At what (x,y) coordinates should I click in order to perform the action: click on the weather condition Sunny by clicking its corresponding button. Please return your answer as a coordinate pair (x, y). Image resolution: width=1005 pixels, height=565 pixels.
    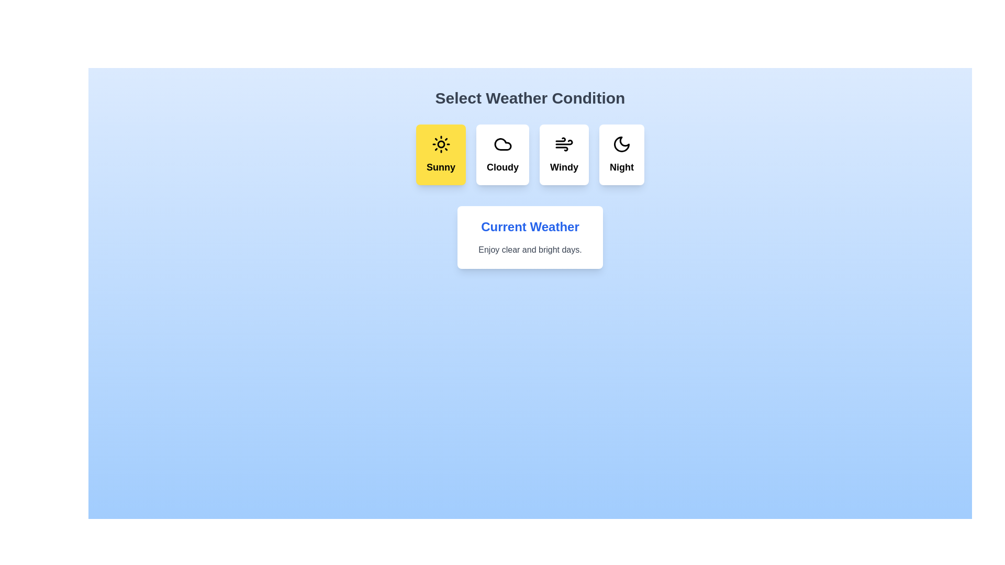
    Looking at the image, I should click on (441, 155).